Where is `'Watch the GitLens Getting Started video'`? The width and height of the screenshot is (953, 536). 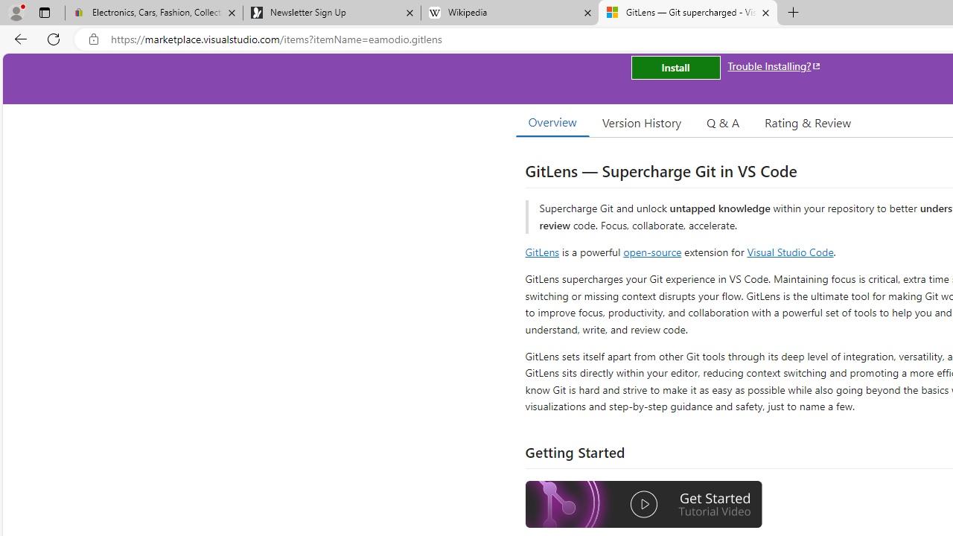
'Watch the GitLens Getting Started video' is located at coordinates (644, 504).